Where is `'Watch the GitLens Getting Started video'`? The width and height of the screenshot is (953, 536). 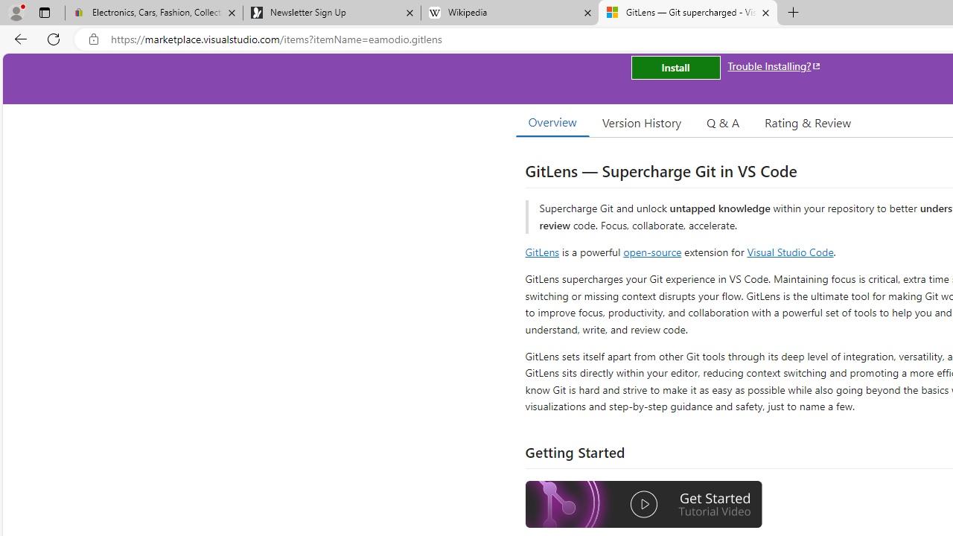
'Watch the GitLens Getting Started video' is located at coordinates (644, 504).